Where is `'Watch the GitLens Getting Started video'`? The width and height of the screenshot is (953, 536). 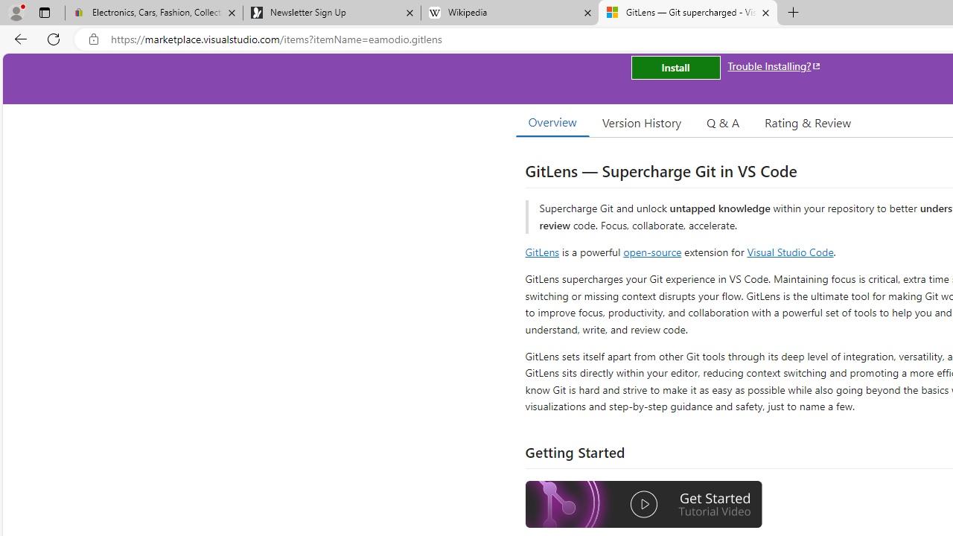
'Watch the GitLens Getting Started video' is located at coordinates (644, 504).